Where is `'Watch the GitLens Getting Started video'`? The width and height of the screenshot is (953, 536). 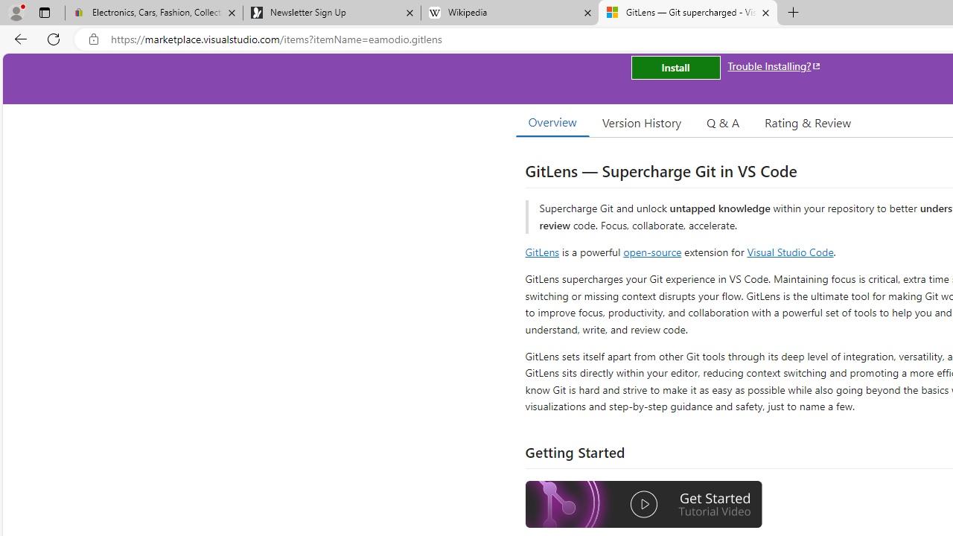
'Watch the GitLens Getting Started video' is located at coordinates (644, 504).